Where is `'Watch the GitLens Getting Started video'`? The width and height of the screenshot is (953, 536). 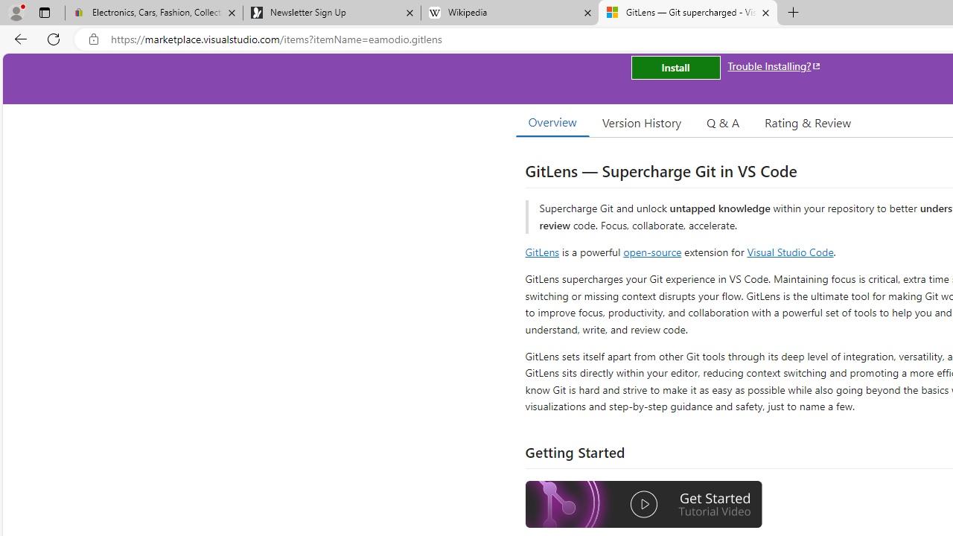
'Watch the GitLens Getting Started video' is located at coordinates (644, 504).